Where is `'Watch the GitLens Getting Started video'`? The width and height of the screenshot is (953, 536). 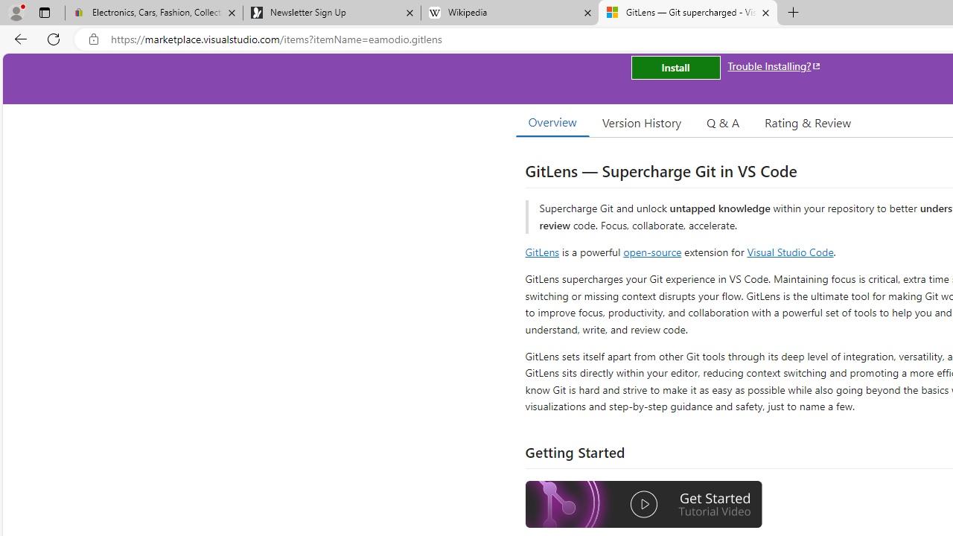
'Watch the GitLens Getting Started video' is located at coordinates (644, 504).